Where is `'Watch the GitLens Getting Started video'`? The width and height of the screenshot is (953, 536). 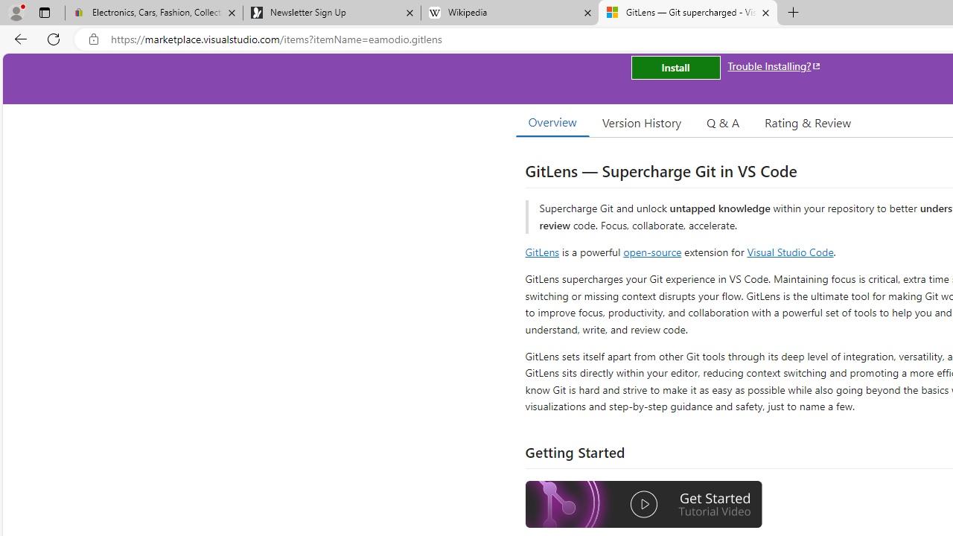
'Watch the GitLens Getting Started video' is located at coordinates (644, 504).